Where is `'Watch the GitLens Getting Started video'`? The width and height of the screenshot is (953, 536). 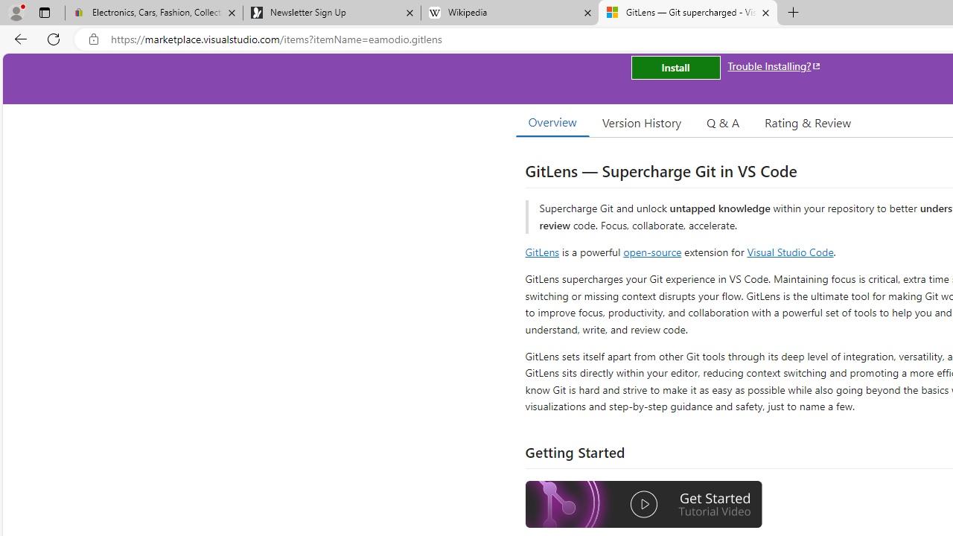
'Watch the GitLens Getting Started video' is located at coordinates (644, 504).